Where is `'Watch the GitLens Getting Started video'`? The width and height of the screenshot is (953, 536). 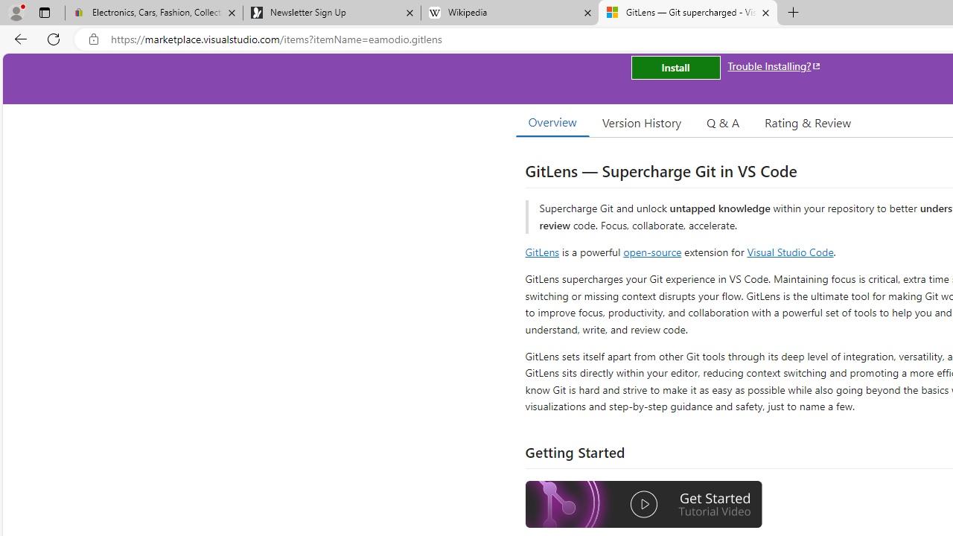
'Watch the GitLens Getting Started video' is located at coordinates (644, 504).